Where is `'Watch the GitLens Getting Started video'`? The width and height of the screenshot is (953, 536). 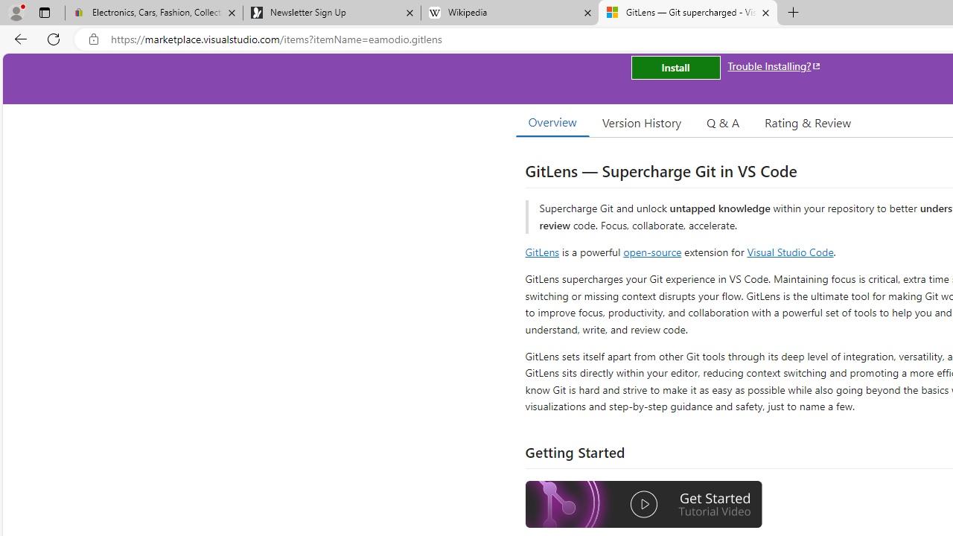
'Watch the GitLens Getting Started video' is located at coordinates (644, 504).